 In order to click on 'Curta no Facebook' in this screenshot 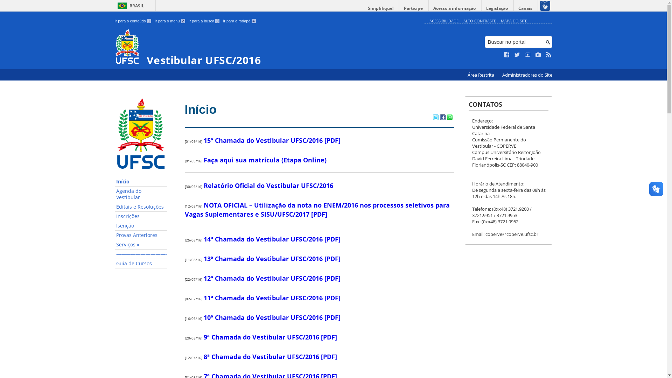, I will do `click(507, 55)`.